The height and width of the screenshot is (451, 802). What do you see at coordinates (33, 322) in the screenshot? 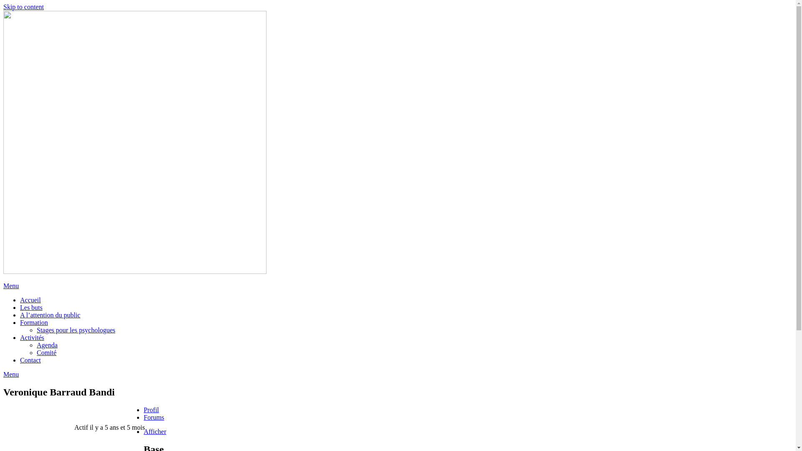
I see `'Formation'` at bounding box center [33, 322].